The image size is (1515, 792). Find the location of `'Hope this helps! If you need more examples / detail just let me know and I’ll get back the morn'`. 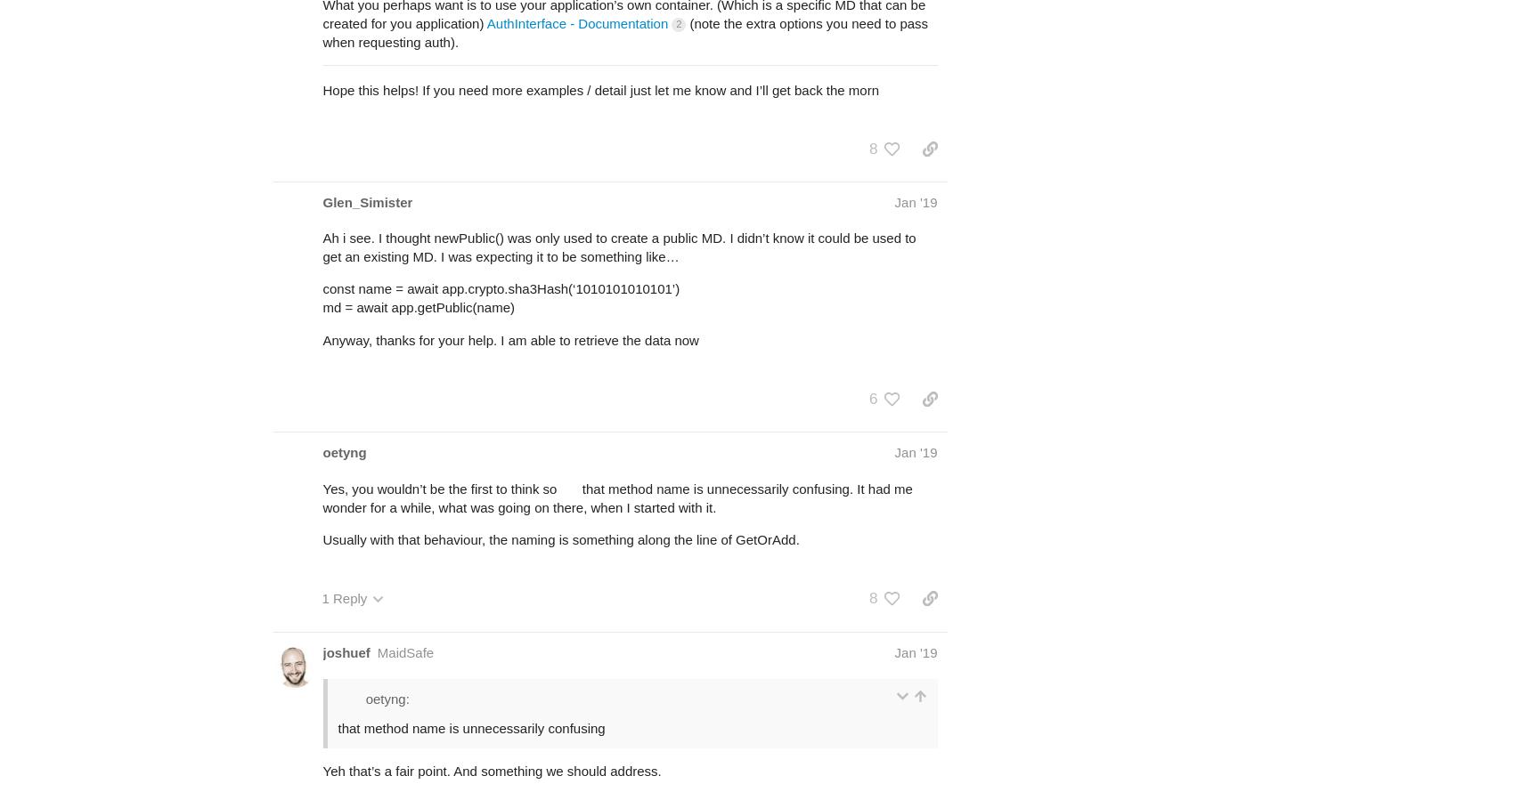

'Hope this helps! If you need more examples / detail just let me know and I’ll get back the morn' is located at coordinates (601, 89).